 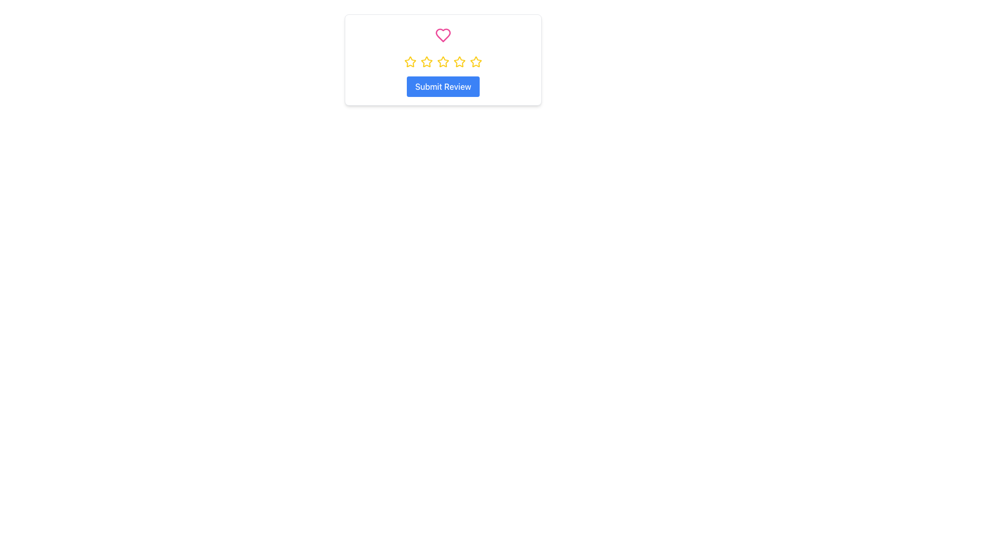 What do you see at coordinates (443, 86) in the screenshot?
I see `the 'Submit Review' button, which is a rectangular button with a blue background and white text, located below a row of yellow star icons` at bounding box center [443, 86].